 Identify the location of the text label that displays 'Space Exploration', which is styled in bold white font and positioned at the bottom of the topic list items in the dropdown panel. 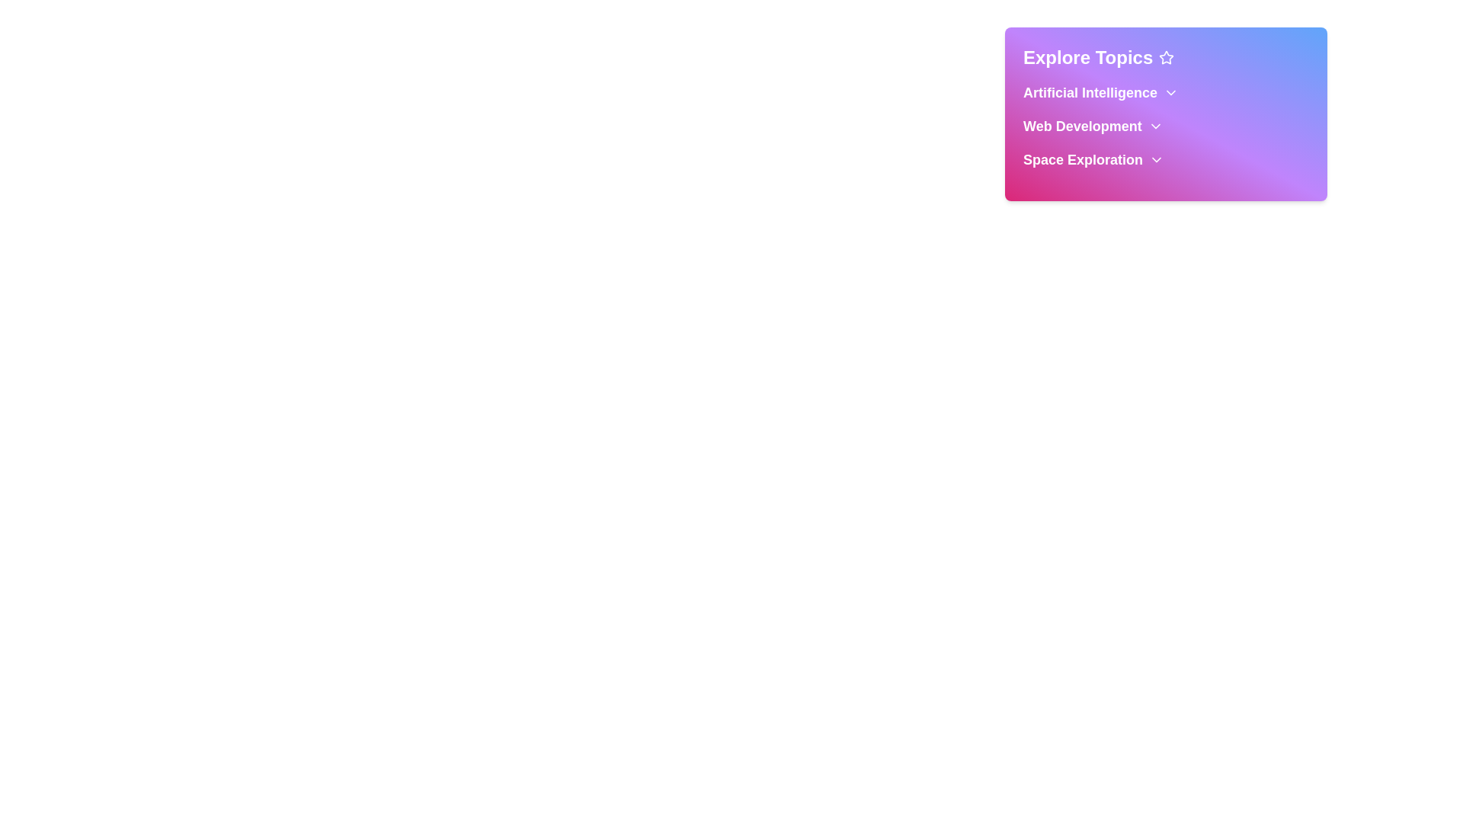
(1082, 159).